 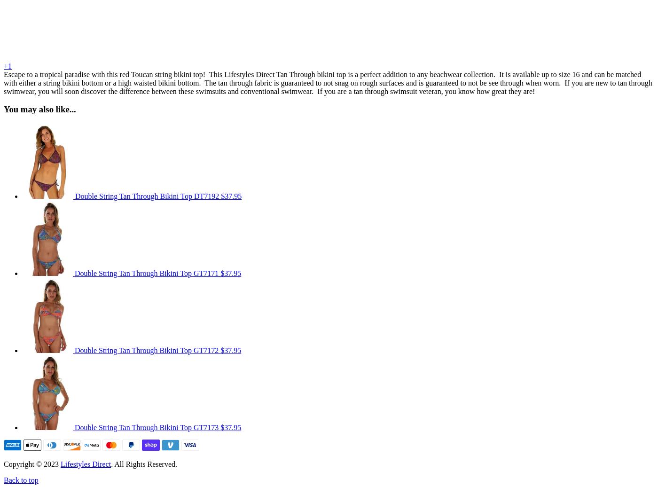 What do you see at coordinates (148, 350) in the screenshot?
I see `'Double String Tan Through Bikini Top GT7172'` at bounding box center [148, 350].